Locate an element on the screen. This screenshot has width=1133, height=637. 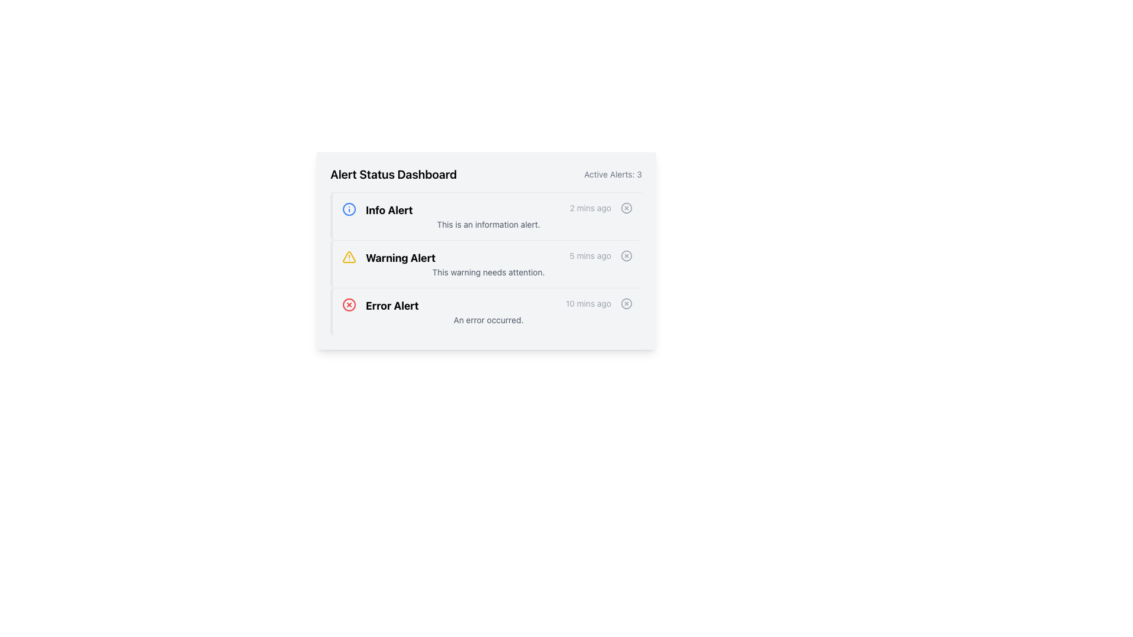
the Circular indicator, which is a circular shape with a thin black outline located to the right of the 'Info Alert' notification and aligned with the '2 mins ago' timestamp is located at coordinates (626, 208).